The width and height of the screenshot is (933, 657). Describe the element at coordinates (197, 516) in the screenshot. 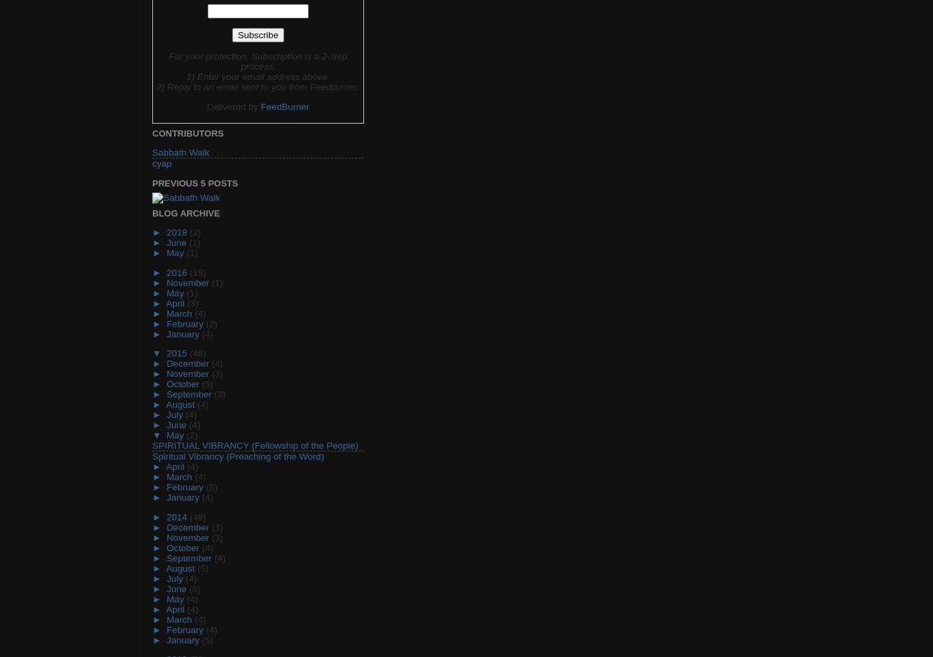

I see `'(49)'` at that location.